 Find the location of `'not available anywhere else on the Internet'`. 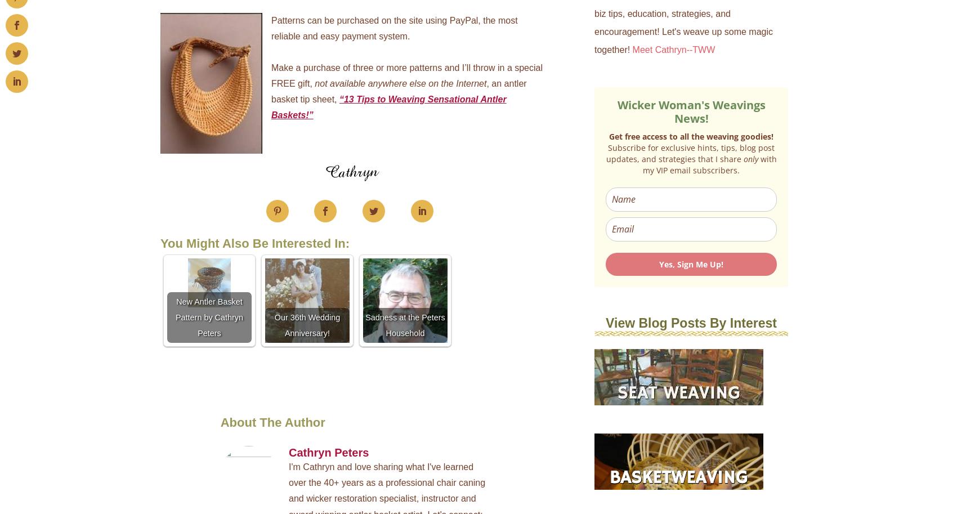

'not available anywhere else on the Internet' is located at coordinates (314, 83).